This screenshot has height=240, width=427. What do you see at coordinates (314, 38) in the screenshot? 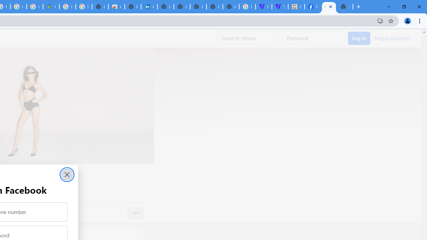
I see `'Password'` at bounding box center [314, 38].